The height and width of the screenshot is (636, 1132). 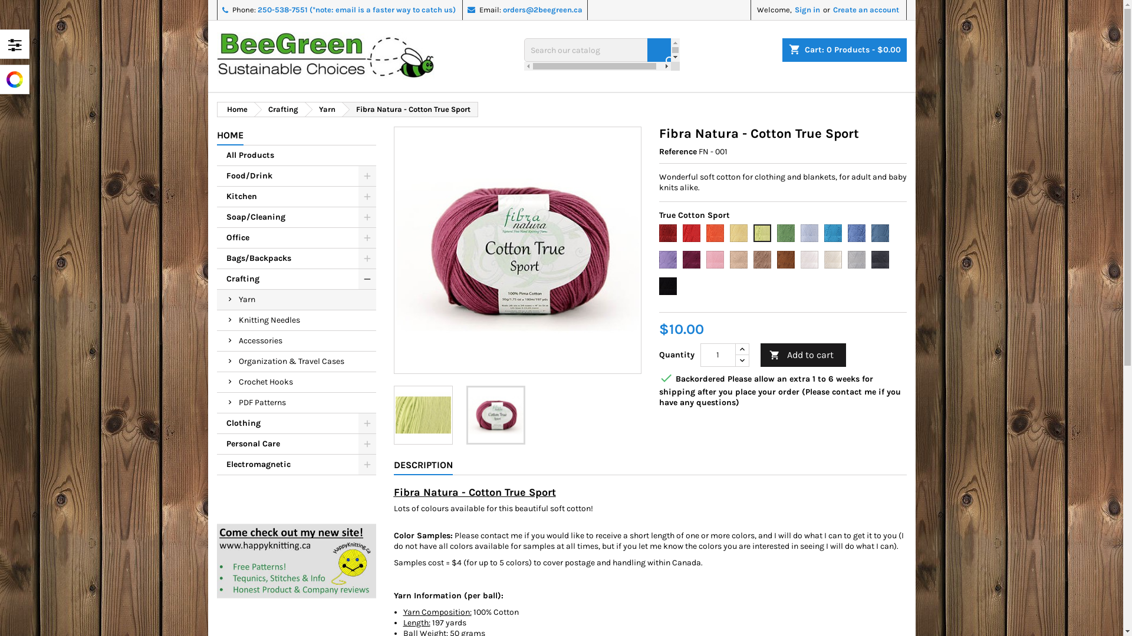 I want to click on 'Electromagnetic', so click(x=217, y=464).